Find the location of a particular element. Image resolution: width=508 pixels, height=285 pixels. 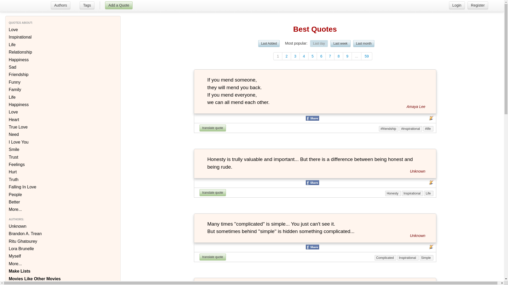

'Inspirational ' is located at coordinates (412, 193).